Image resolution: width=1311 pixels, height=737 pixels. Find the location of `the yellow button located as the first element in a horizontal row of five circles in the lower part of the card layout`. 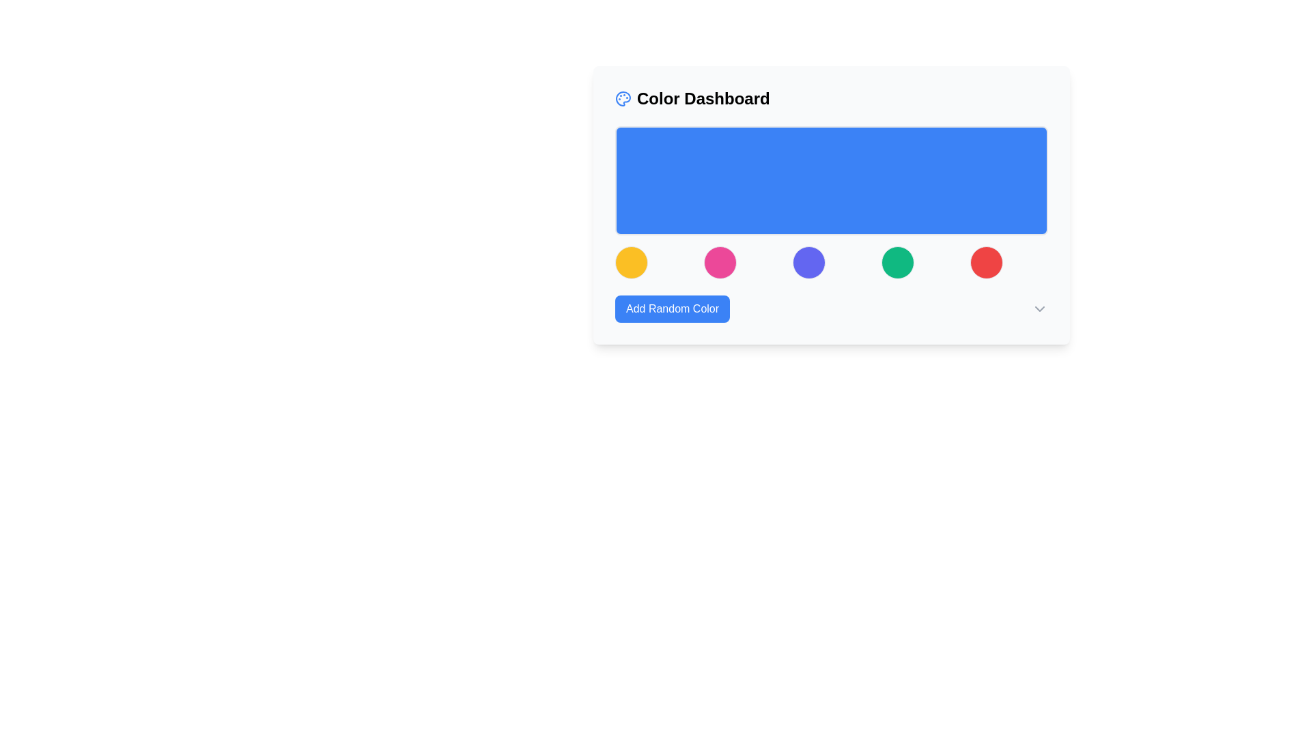

the yellow button located as the first element in a horizontal row of five circles in the lower part of the card layout is located at coordinates (631, 263).